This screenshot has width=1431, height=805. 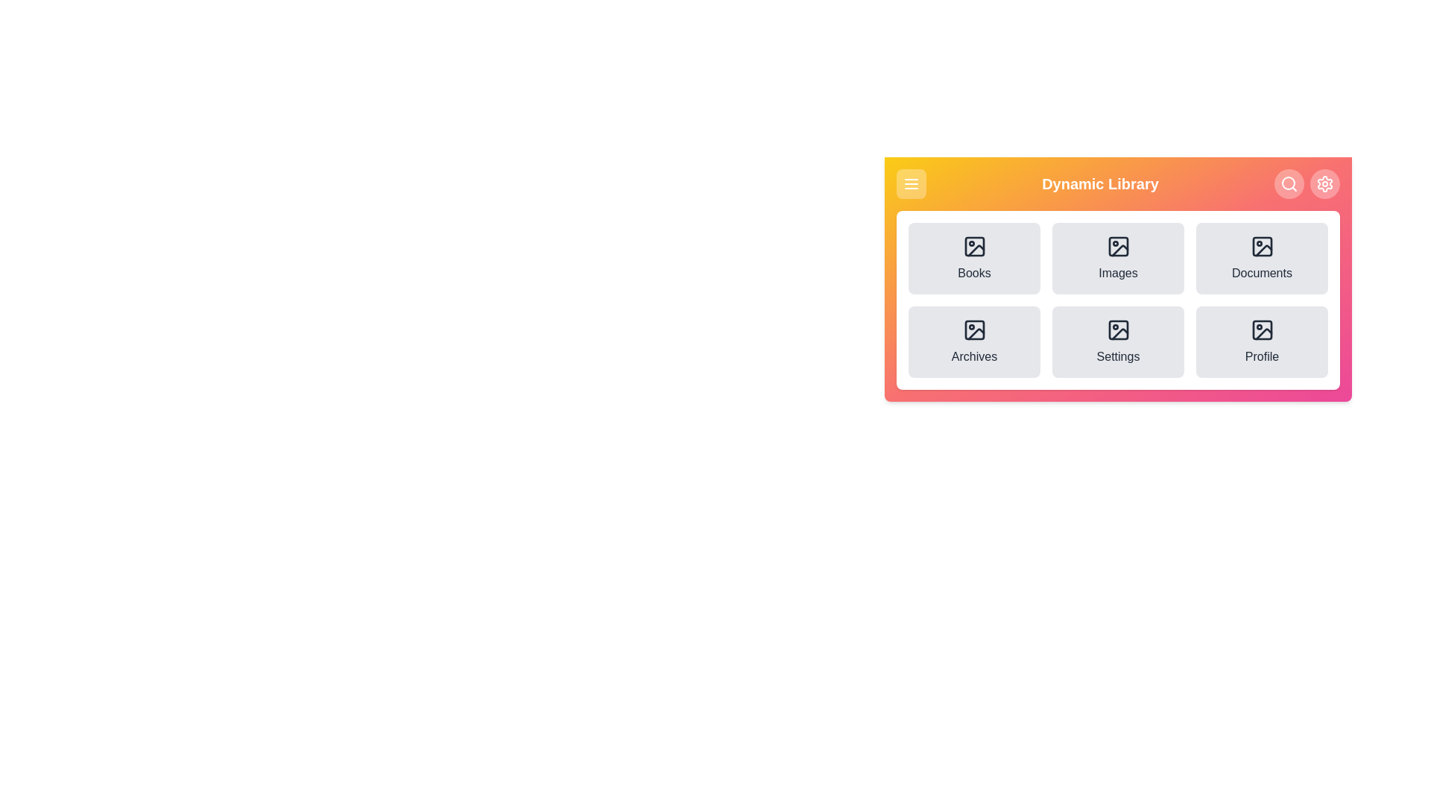 I want to click on the header text 'Dynamic Library', so click(x=1100, y=183).